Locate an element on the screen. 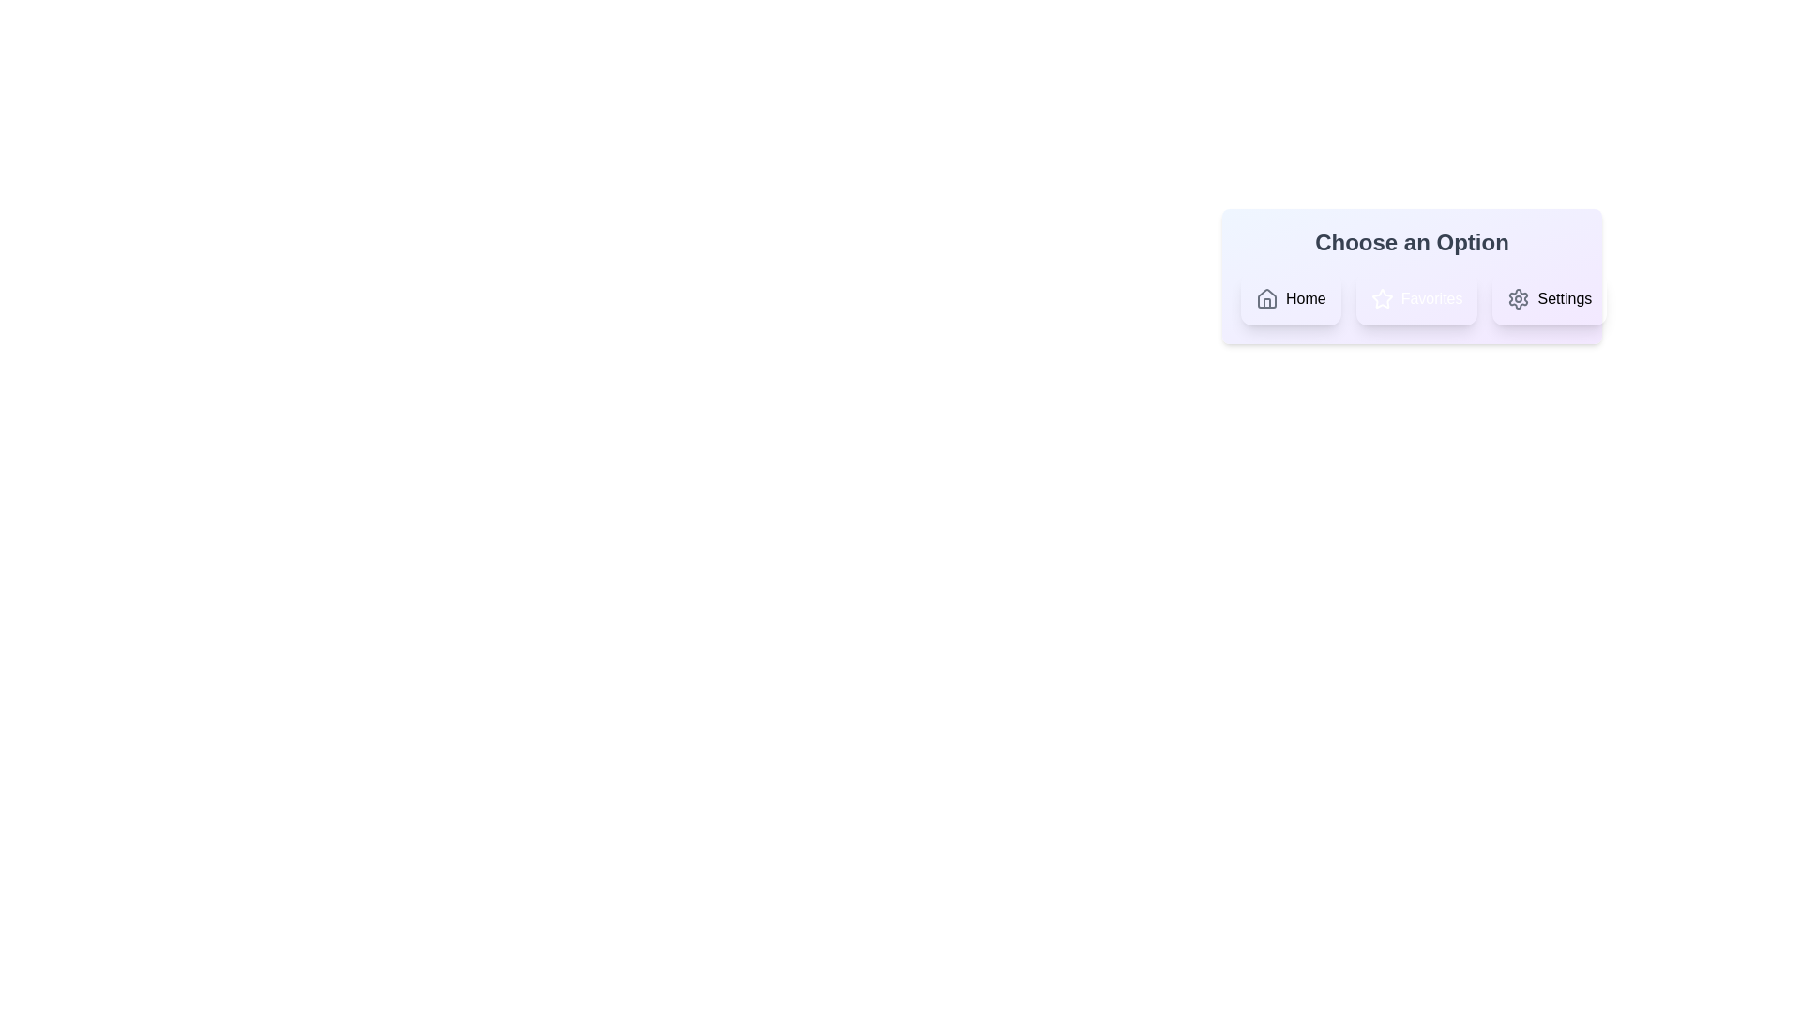 The height and width of the screenshot is (1013, 1801). the chip labeled Settings is located at coordinates (1549, 298).